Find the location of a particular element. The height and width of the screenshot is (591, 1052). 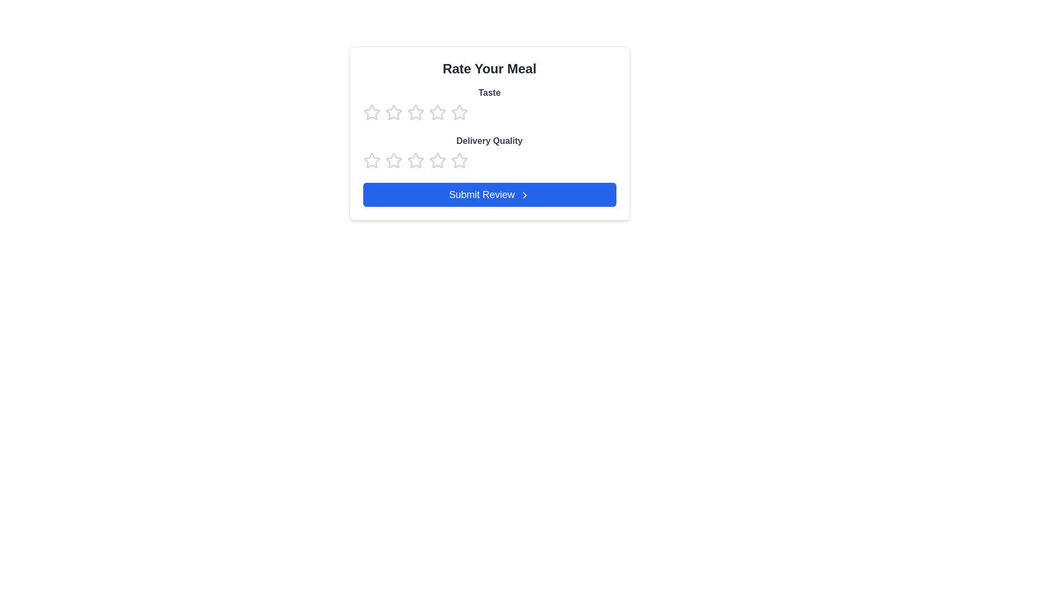

the second star icon in the row of five stars under the 'Taste' category in the 'Rate Your Meal' section is located at coordinates (437, 112).